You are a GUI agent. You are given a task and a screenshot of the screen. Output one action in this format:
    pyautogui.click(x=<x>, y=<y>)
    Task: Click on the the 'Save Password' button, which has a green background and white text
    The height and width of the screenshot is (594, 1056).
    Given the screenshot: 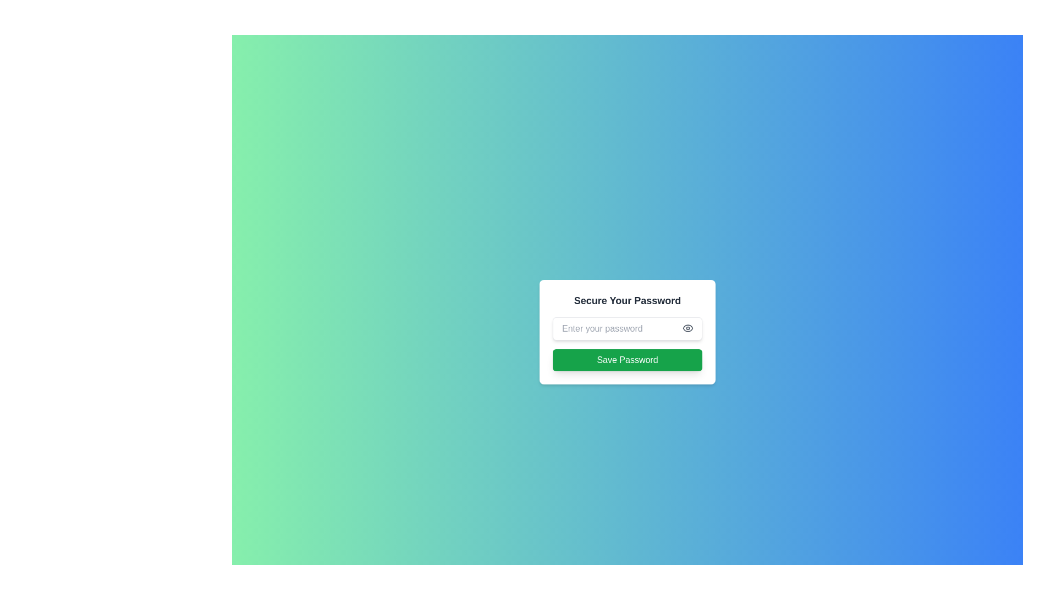 What is the action you would take?
    pyautogui.click(x=628, y=360)
    